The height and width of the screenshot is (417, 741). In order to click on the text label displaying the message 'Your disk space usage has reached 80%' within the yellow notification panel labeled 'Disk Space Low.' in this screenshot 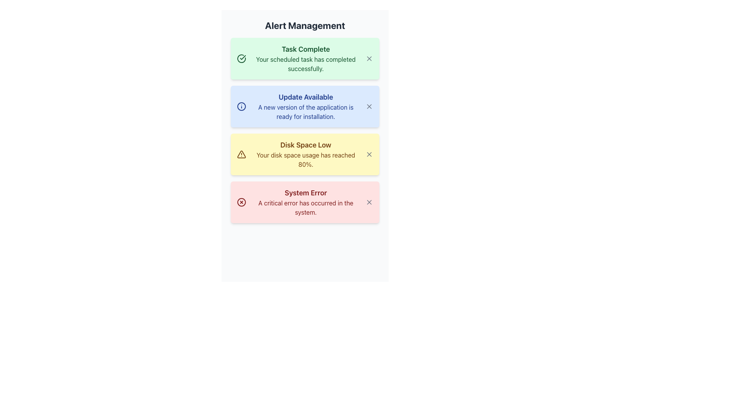, I will do `click(305, 159)`.